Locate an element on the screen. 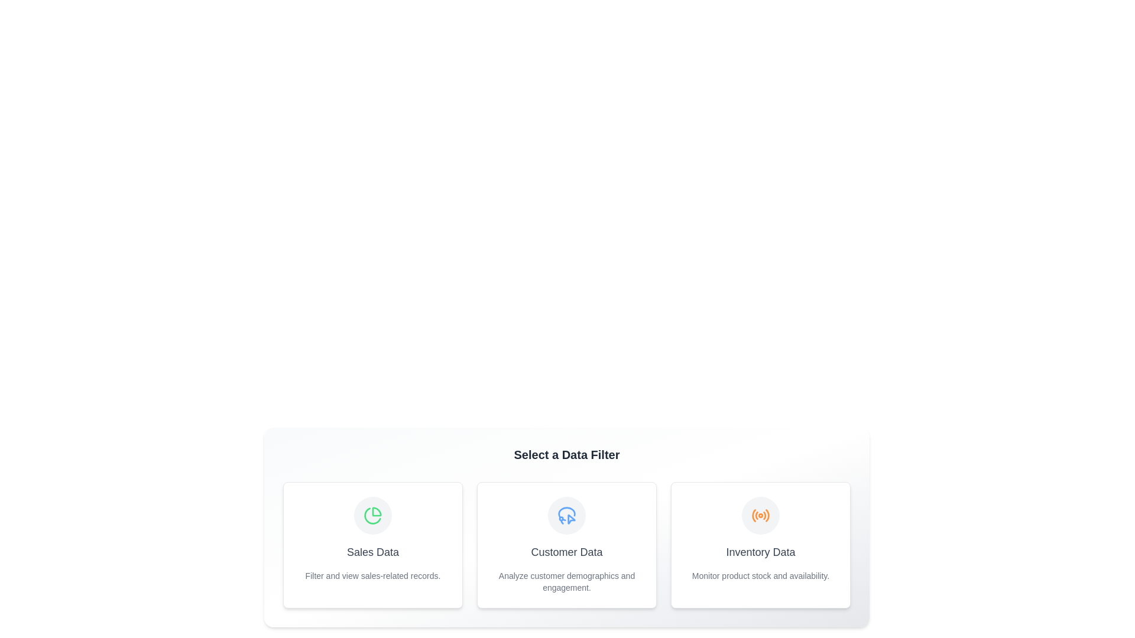 The height and width of the screenshot is (638, 1135). the Text Label that provides additional details about the 'Customer Data' section, positioned below the 'Customer Data' title in the interface is located at coordinates (566, 581).